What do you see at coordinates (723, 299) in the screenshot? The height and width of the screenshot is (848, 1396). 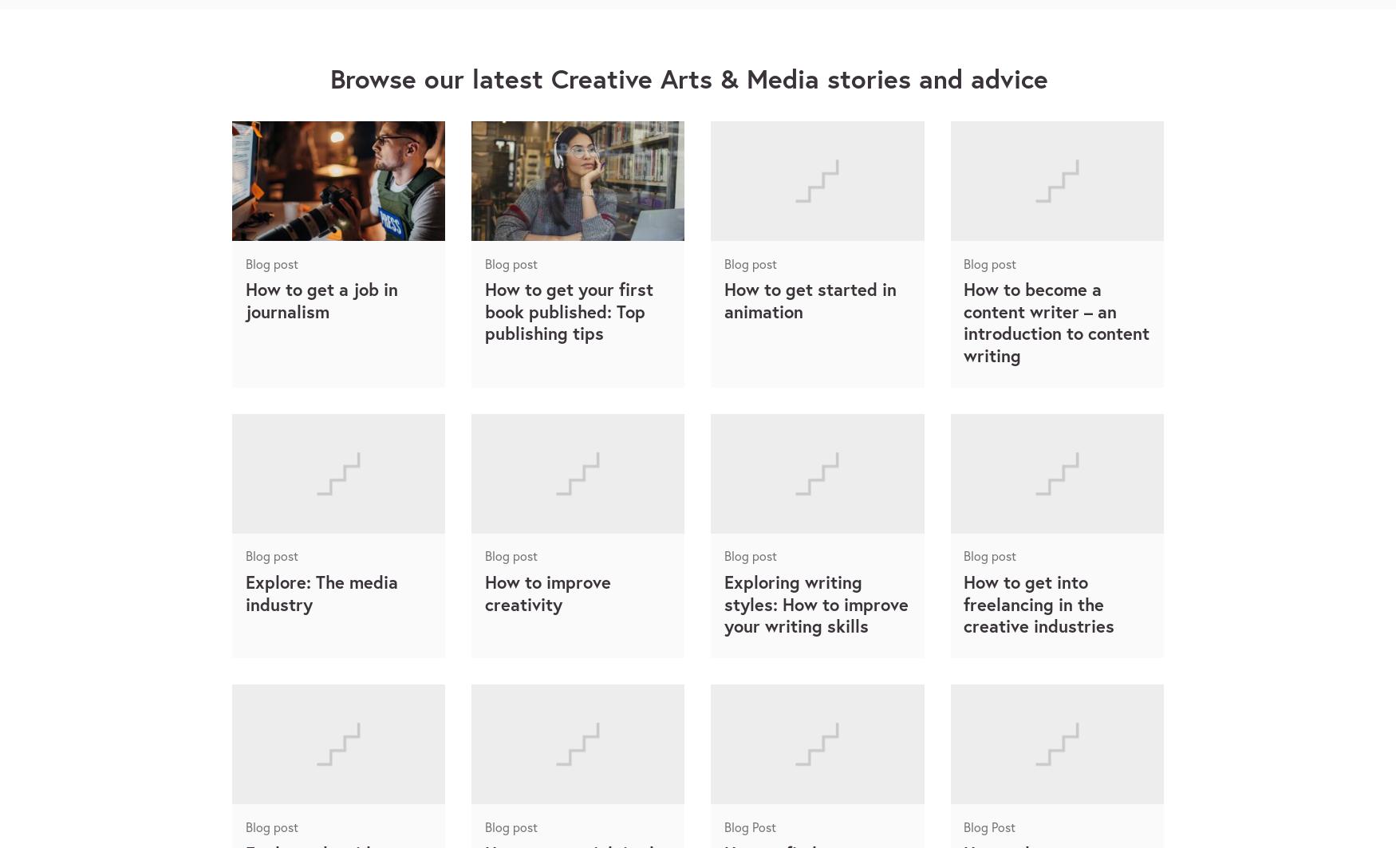 I see `'How to get started in animation'` at bounding box center [723, 299].